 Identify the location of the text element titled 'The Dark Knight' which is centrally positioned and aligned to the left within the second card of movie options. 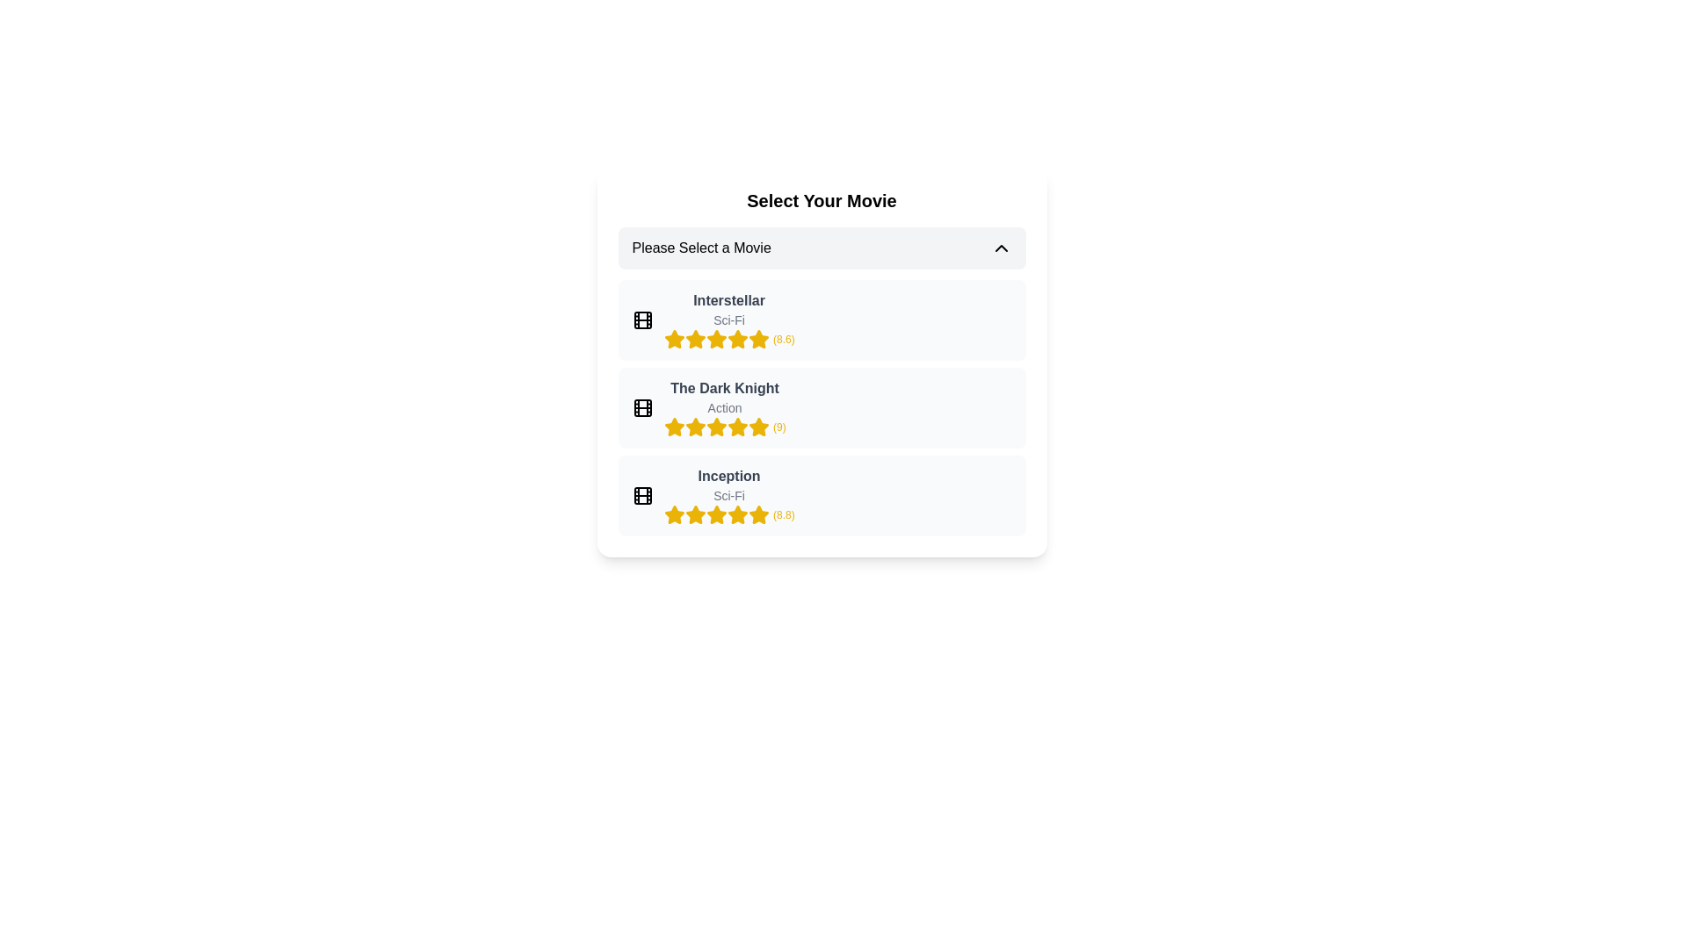
(725, 388).